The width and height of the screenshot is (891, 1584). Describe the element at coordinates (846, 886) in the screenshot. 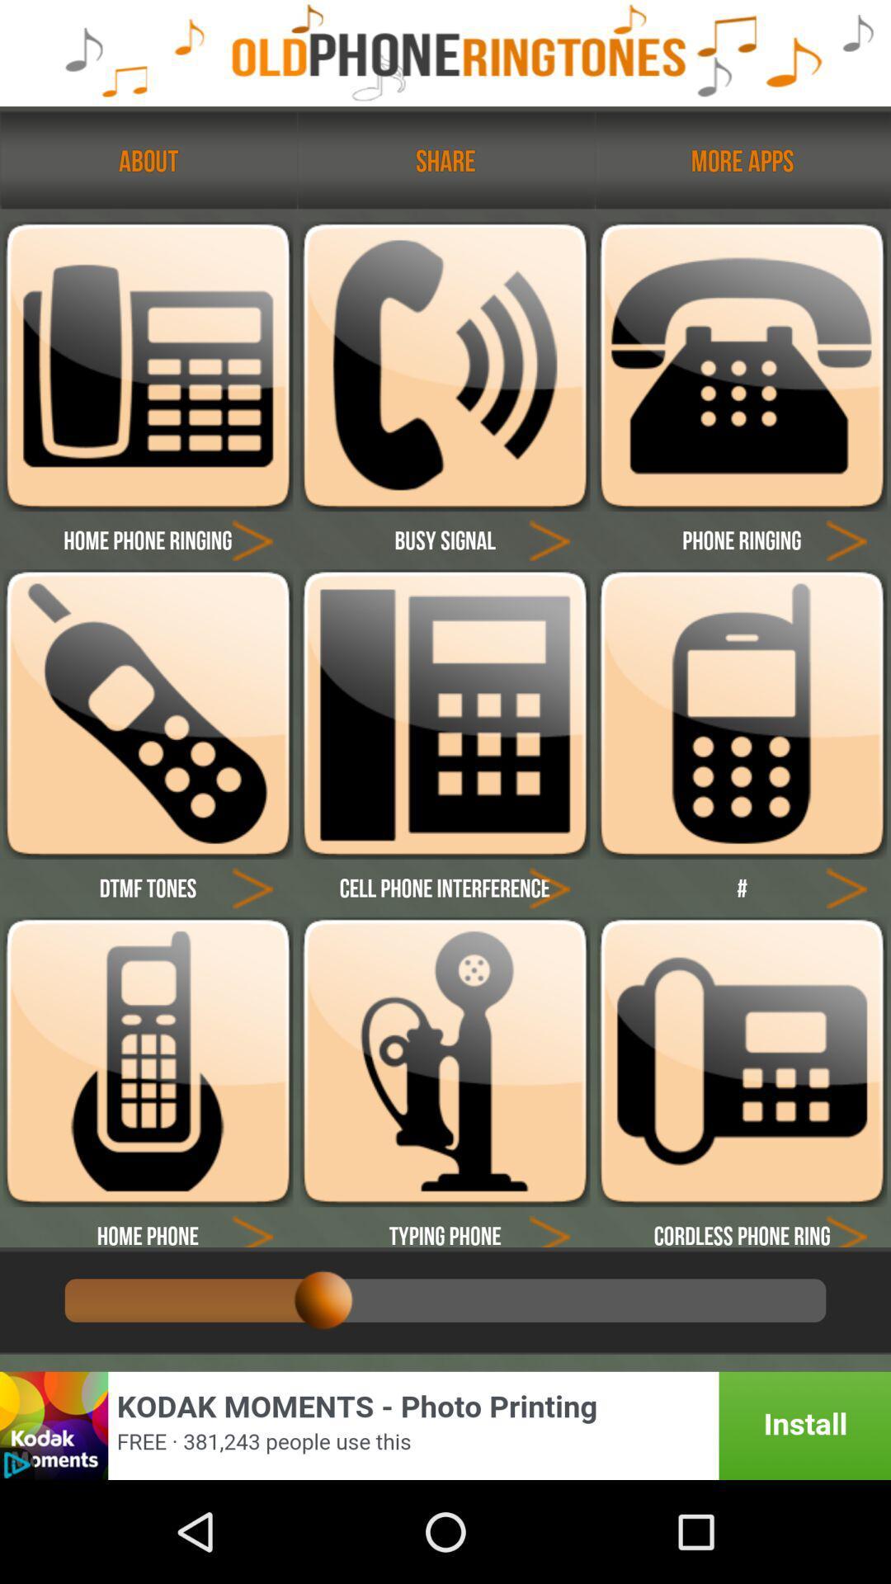

I see `the icon which is below second row of third image` at that location.